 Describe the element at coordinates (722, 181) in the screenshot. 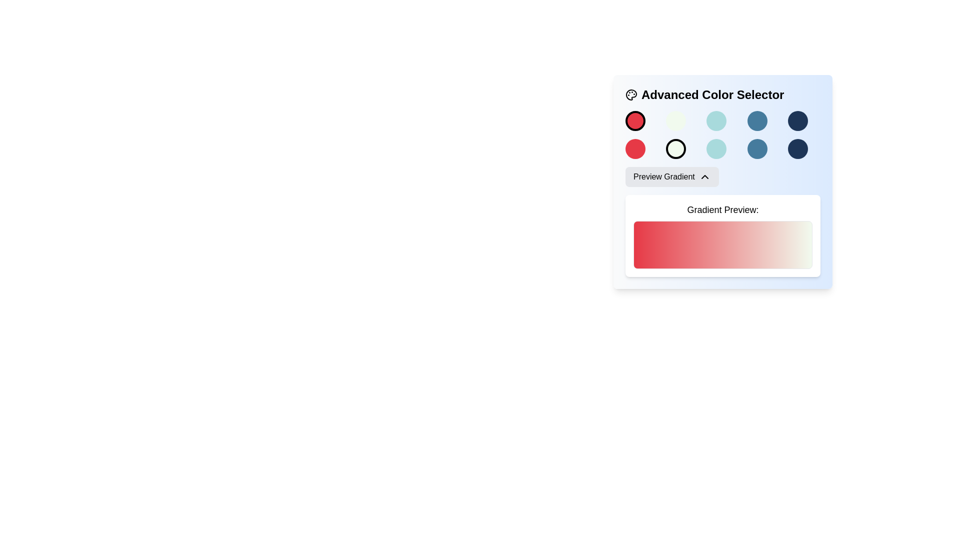

I see `the 'Preview Gradient' button in the Interactive color selection component` at that location.